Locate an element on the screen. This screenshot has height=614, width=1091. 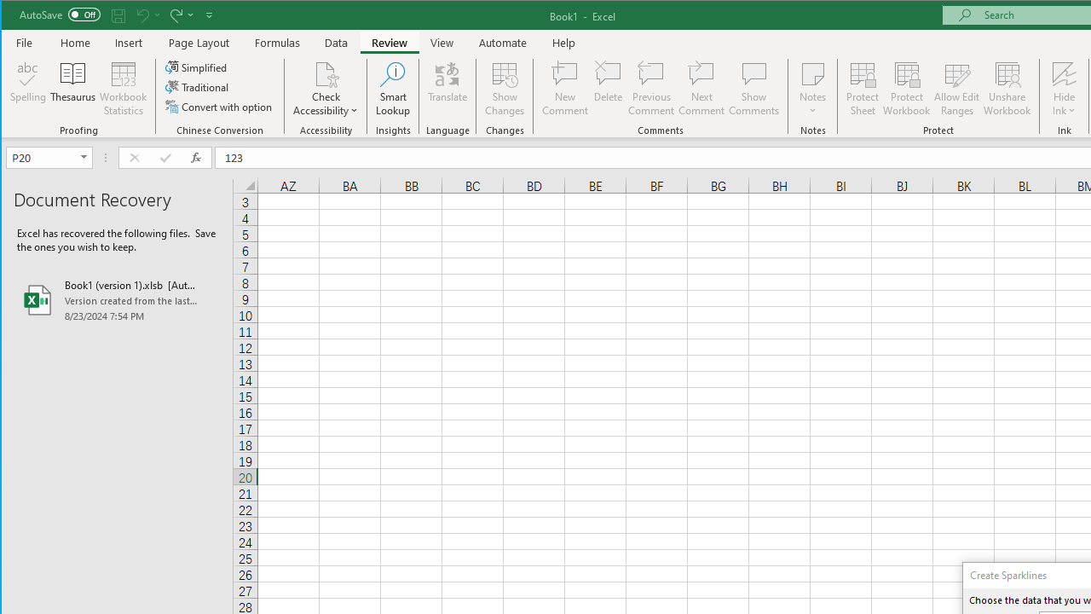
'File Tab' is located at coordinates (25, 42).